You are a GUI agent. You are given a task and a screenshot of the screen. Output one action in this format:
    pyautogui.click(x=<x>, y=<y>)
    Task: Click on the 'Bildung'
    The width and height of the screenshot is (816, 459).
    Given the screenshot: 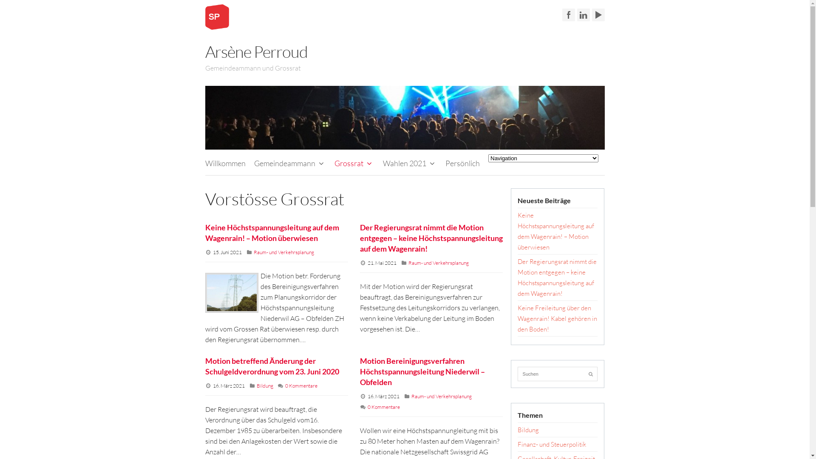 What is the action you would take?
    pyautogui.click(x=528, y=430)
    